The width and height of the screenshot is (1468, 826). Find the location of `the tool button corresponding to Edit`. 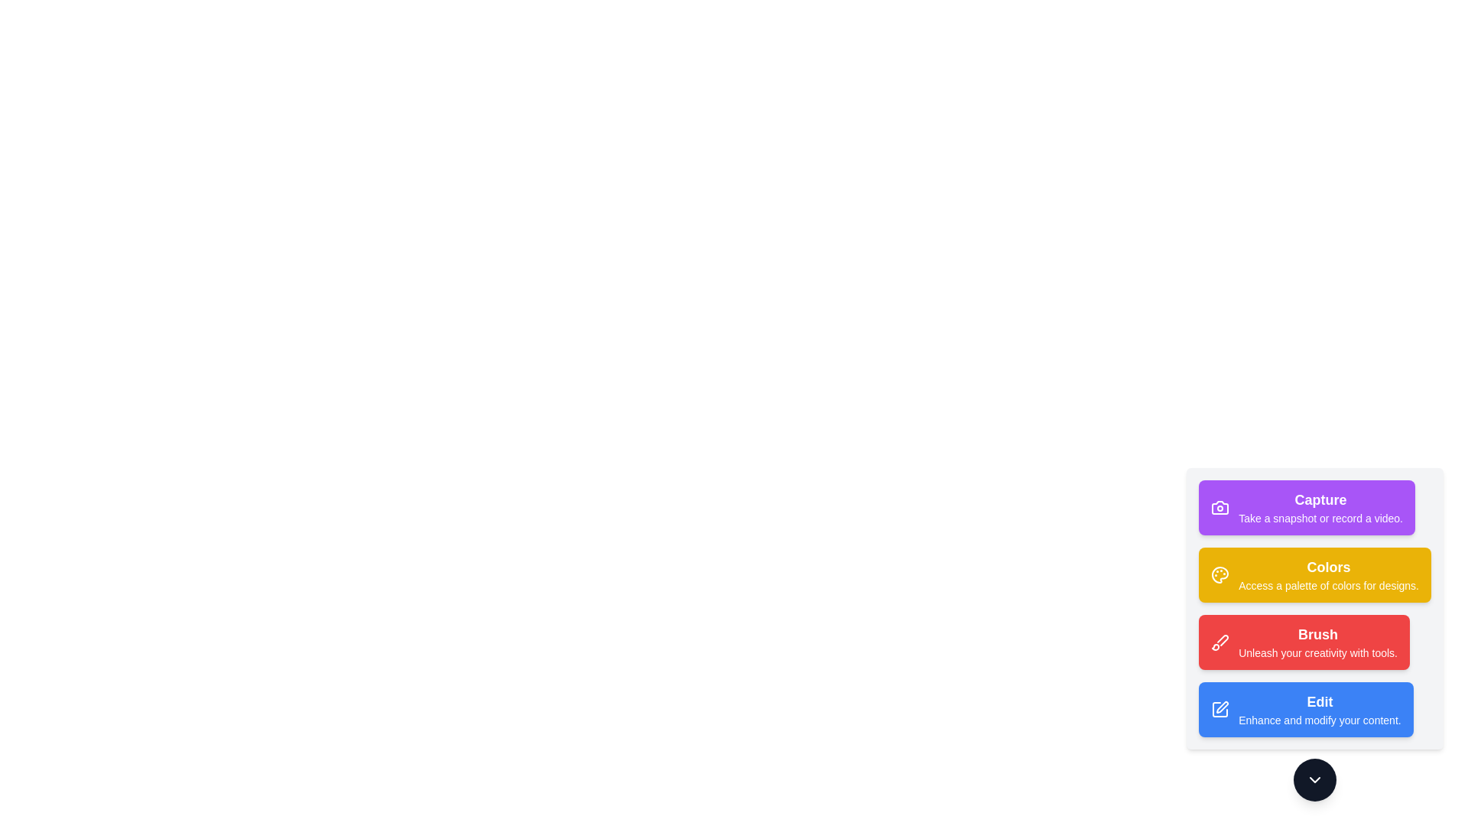

the tool button corresponding to Edit is located at coordinates (1305, 710).